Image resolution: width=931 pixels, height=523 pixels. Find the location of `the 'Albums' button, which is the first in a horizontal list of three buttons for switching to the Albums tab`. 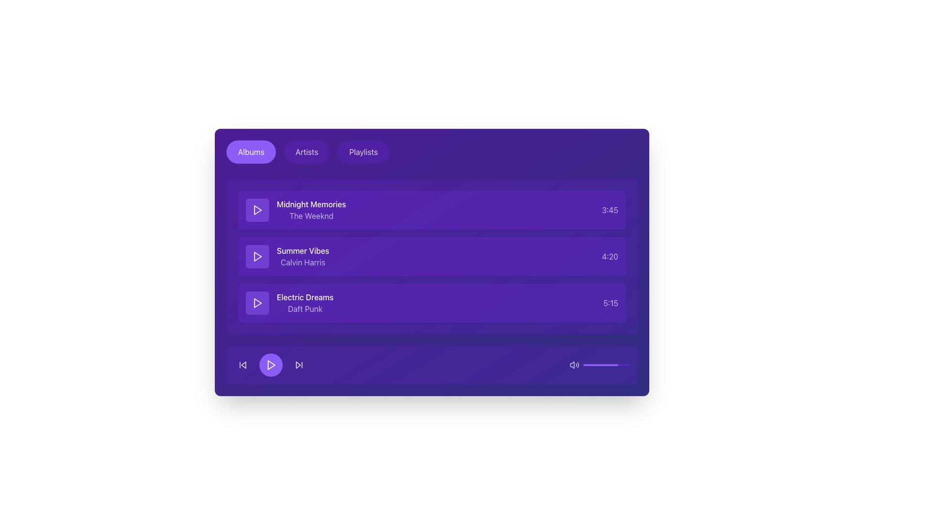

the 'Albums' button, which is the first in a horizontal list of three buttons for switching to the Albums tab is located at coordinates (251, 152).